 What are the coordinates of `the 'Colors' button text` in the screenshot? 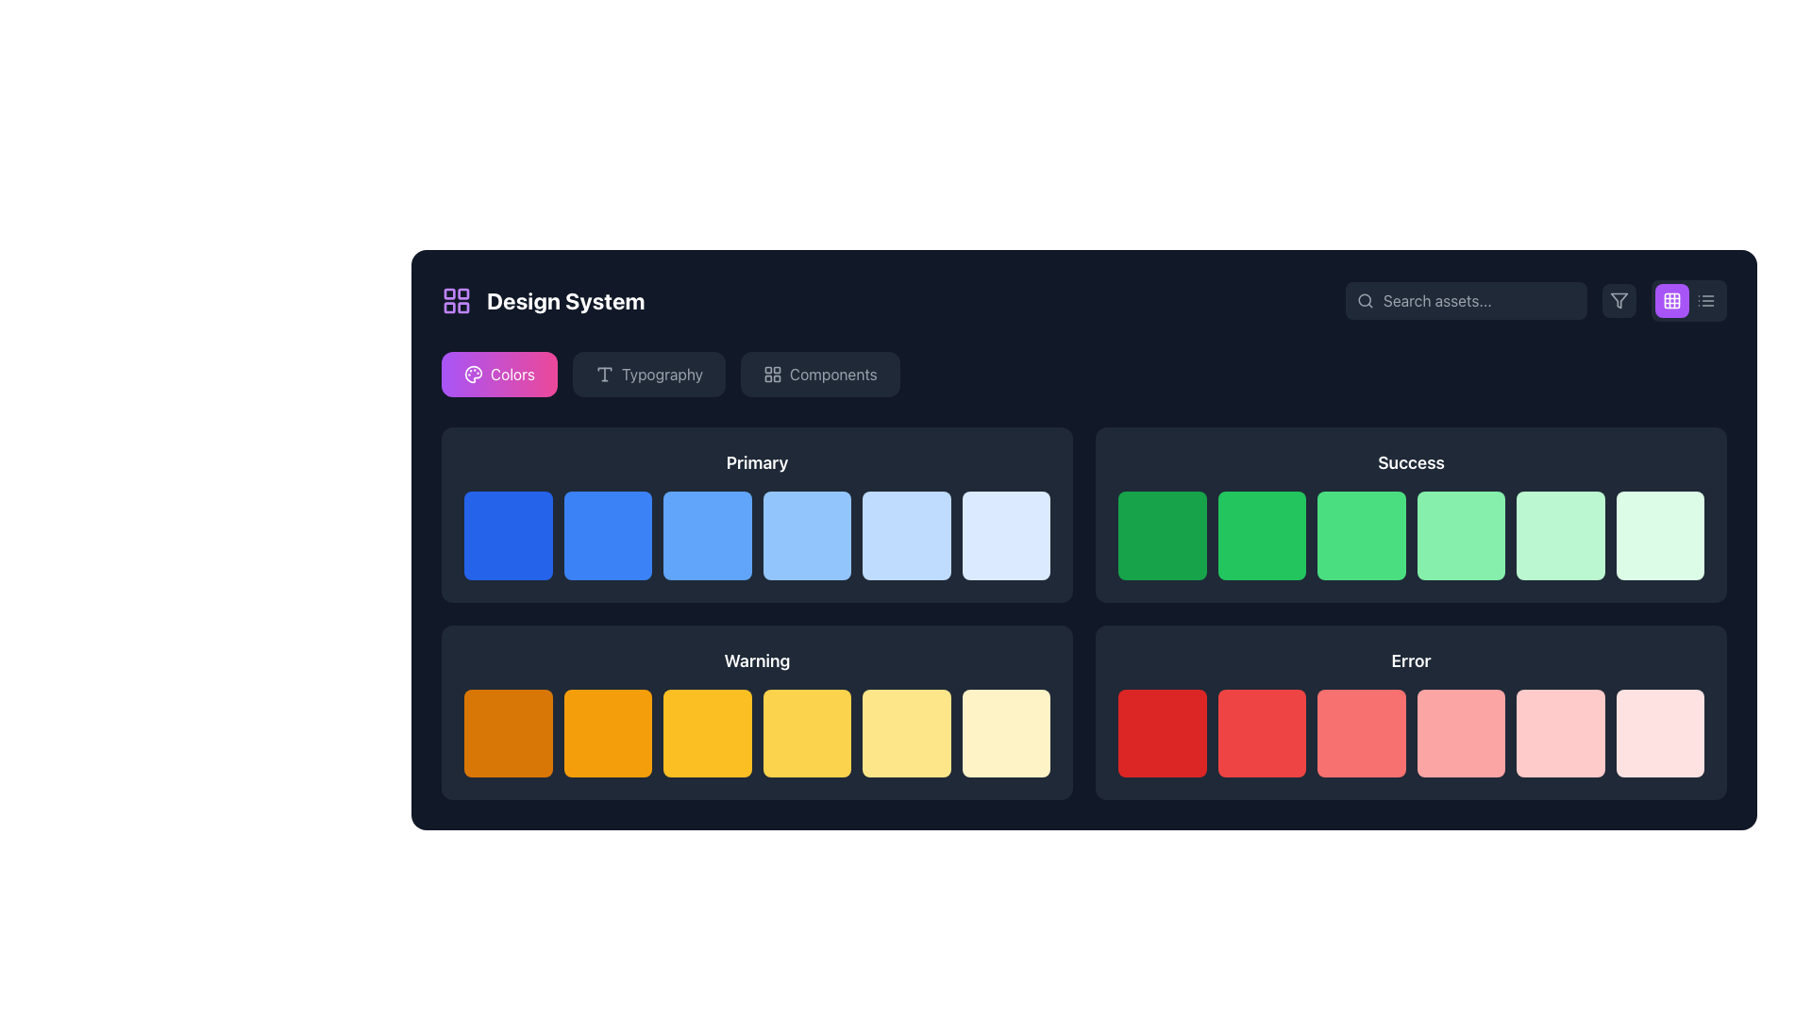 It's located at (512, 375).